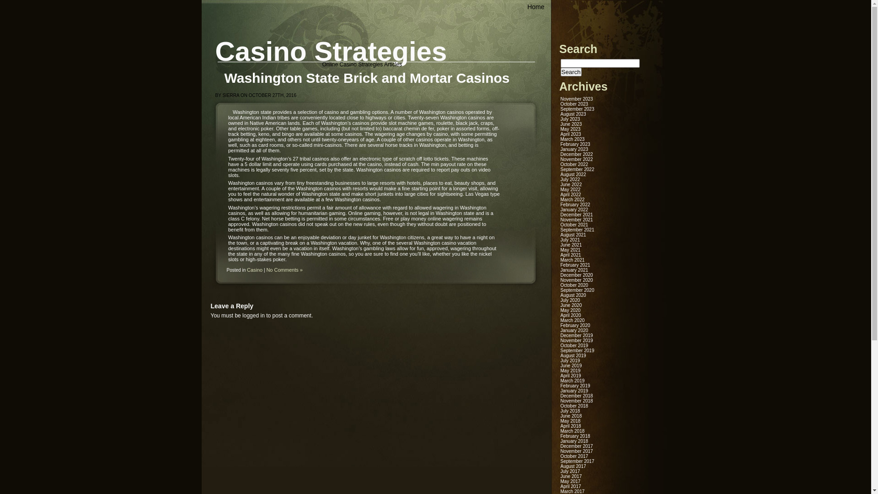 This screenshot has width=878, height=494. What do you see at coordinates (560, 154) in the screenshot?
I see `'December 2022'` at bounding box center [560, 154].